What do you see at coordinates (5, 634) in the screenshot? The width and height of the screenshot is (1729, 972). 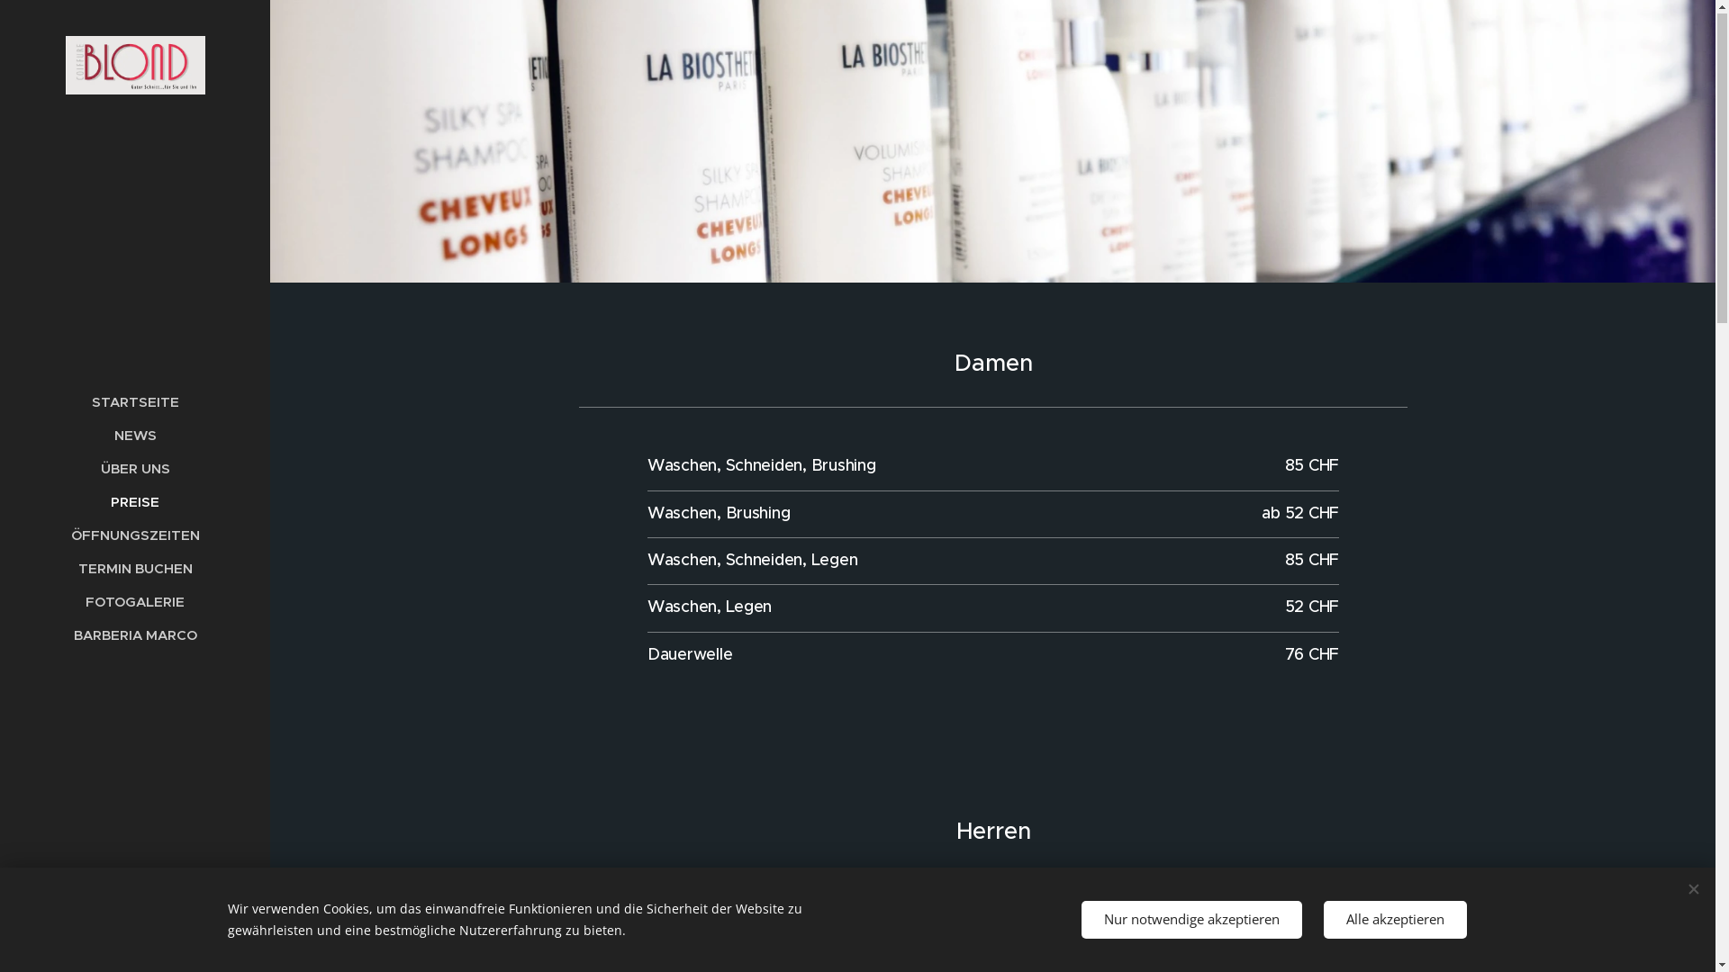 I see `'BARBERIA MARCO'` at bounding box center [5, 634].